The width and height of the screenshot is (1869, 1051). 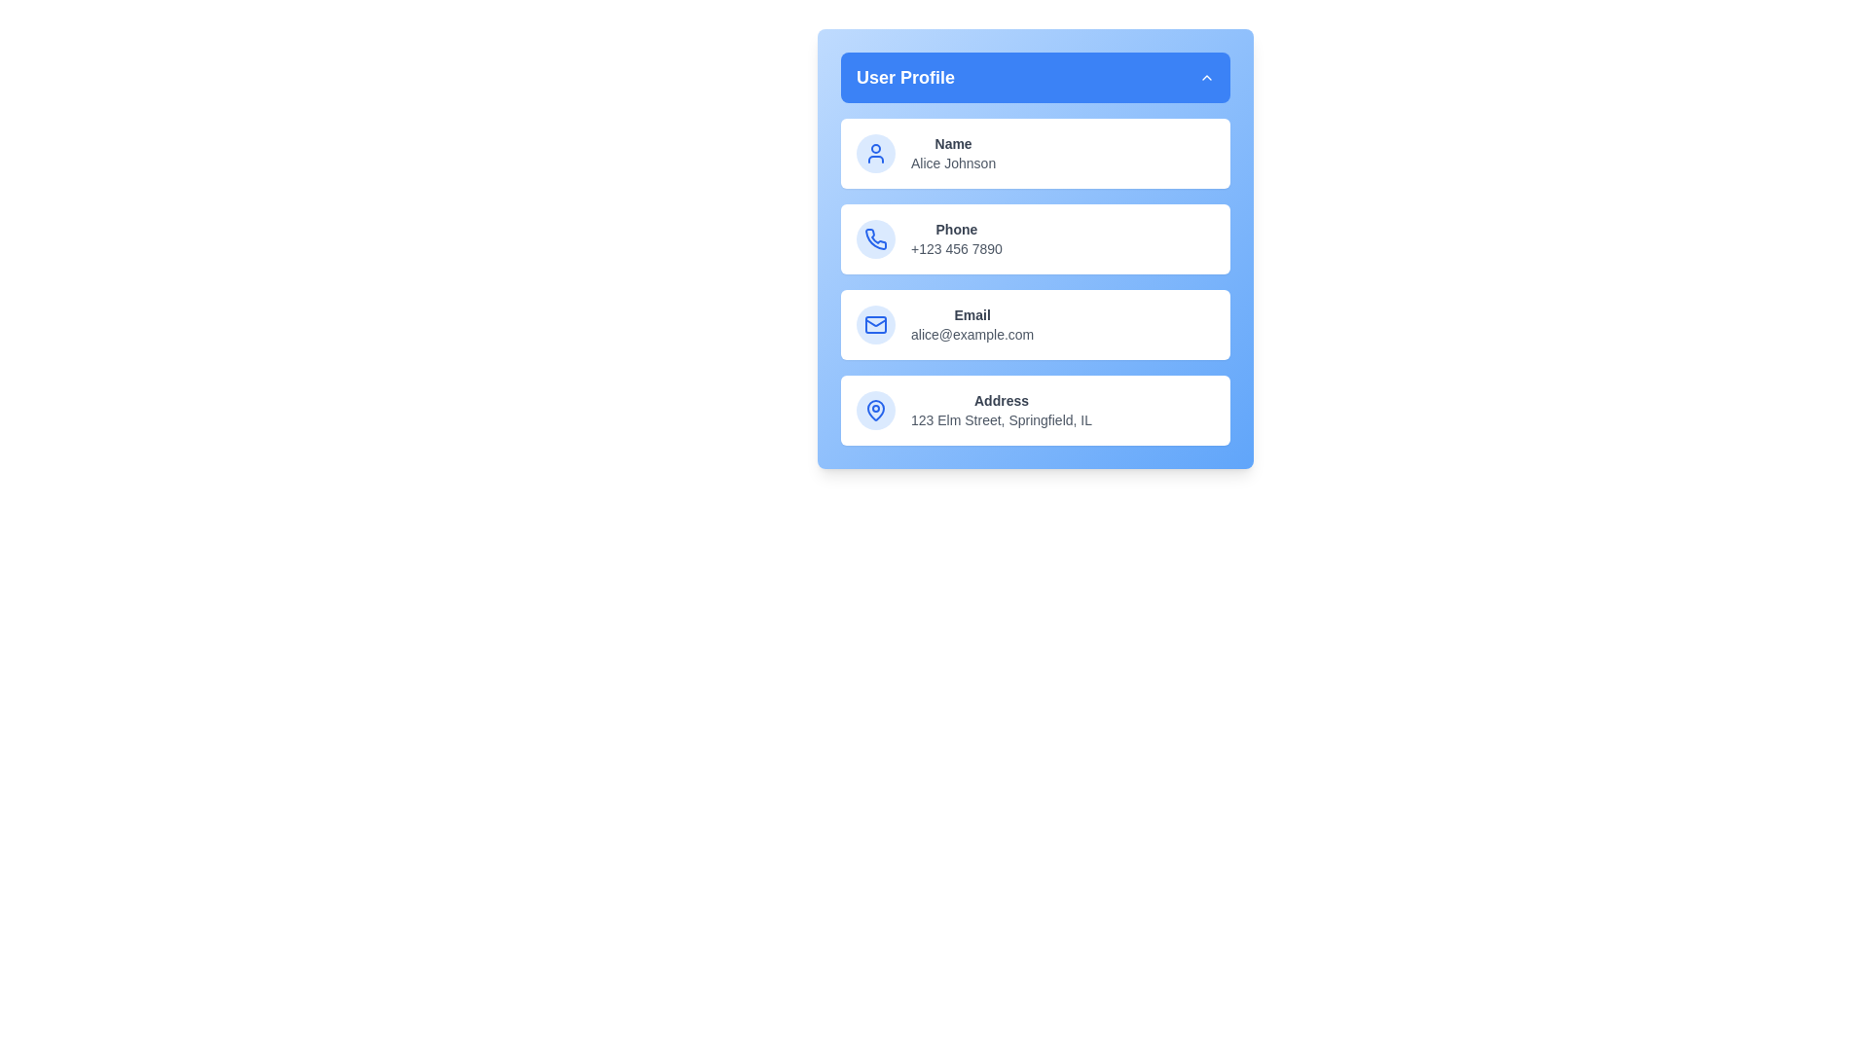 I want to click on the email icon located to the left of the 'Email' text label, which is the third entry in the 'User Profile' card, positioned above the 'Address' field and below the 'Phone' field, so click(x=875, y=324).